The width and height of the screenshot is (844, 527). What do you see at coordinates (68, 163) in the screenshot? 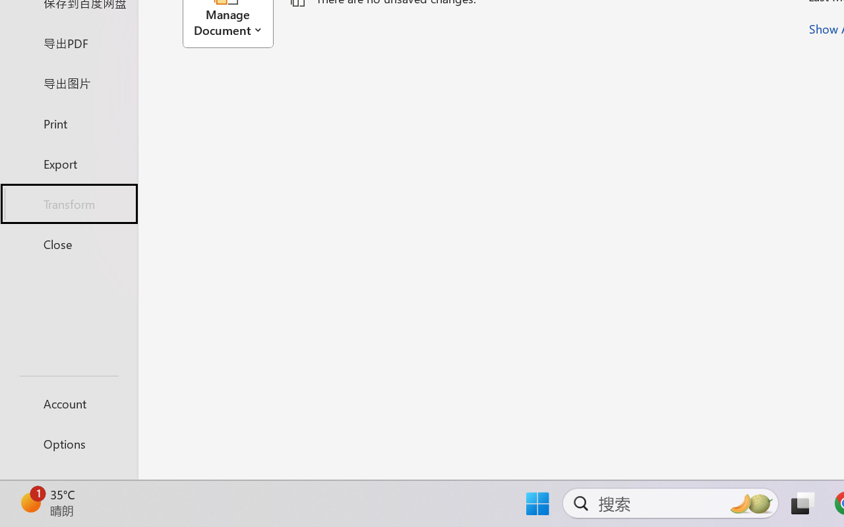
I see `'Export'` at bounding box center [68, 163].